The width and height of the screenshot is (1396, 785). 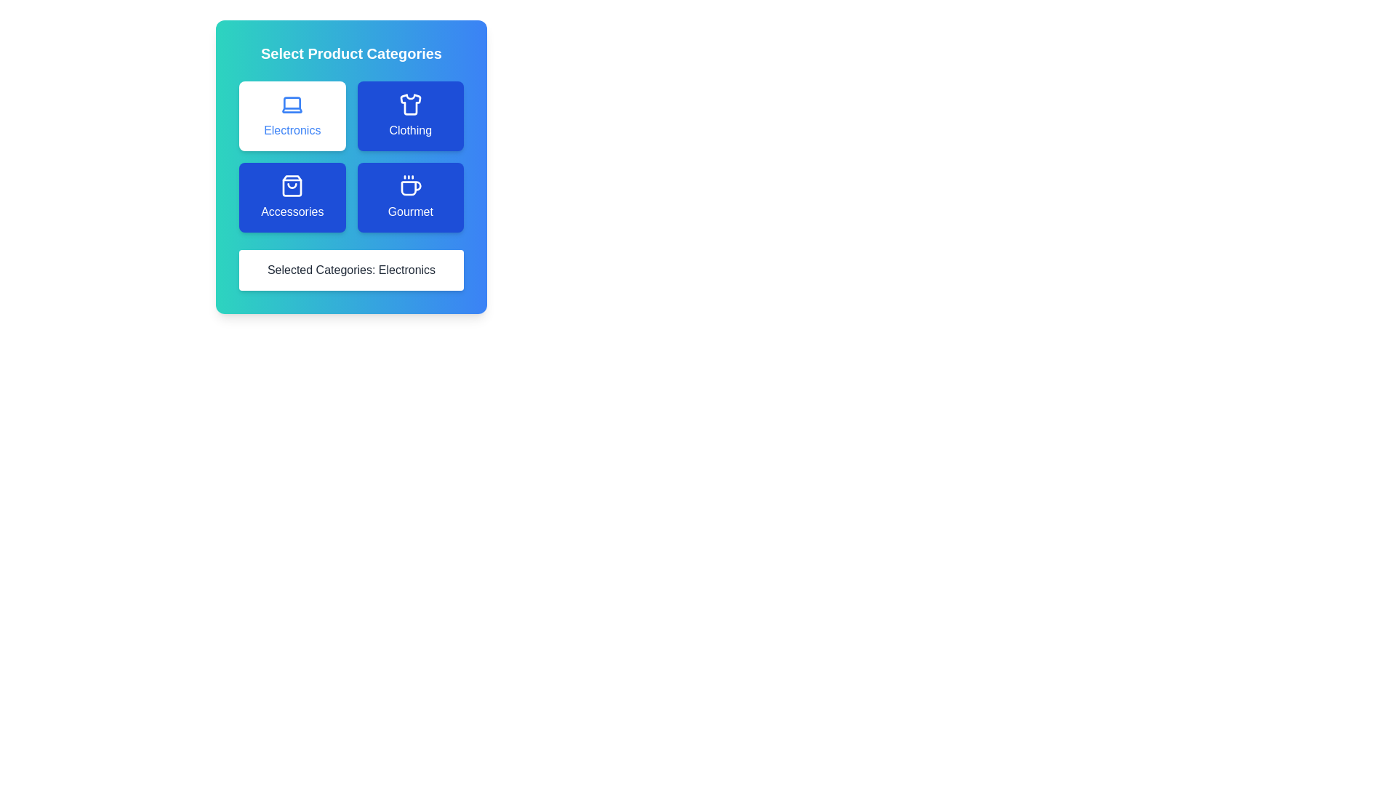 What do you see at coordinates (351, 52) in the screenshot?
I see `the header text 'Select Product Categories' to focus on it` at bounding box center [351, 52].